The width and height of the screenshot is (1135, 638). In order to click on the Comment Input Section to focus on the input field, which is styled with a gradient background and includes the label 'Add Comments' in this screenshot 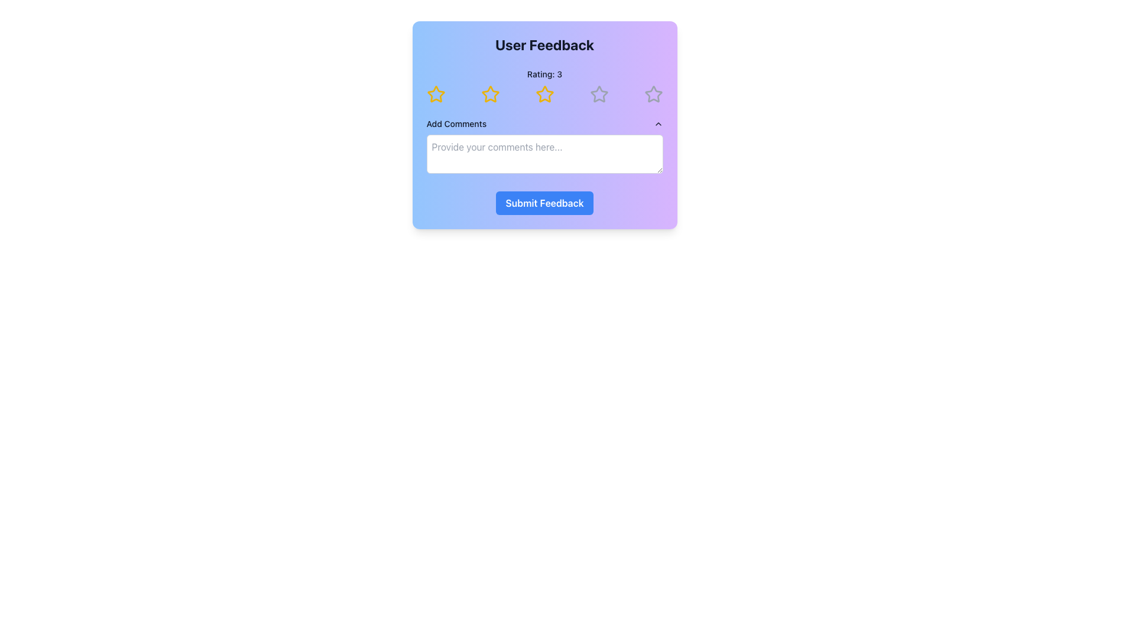, I will do `click(544, 147)`.